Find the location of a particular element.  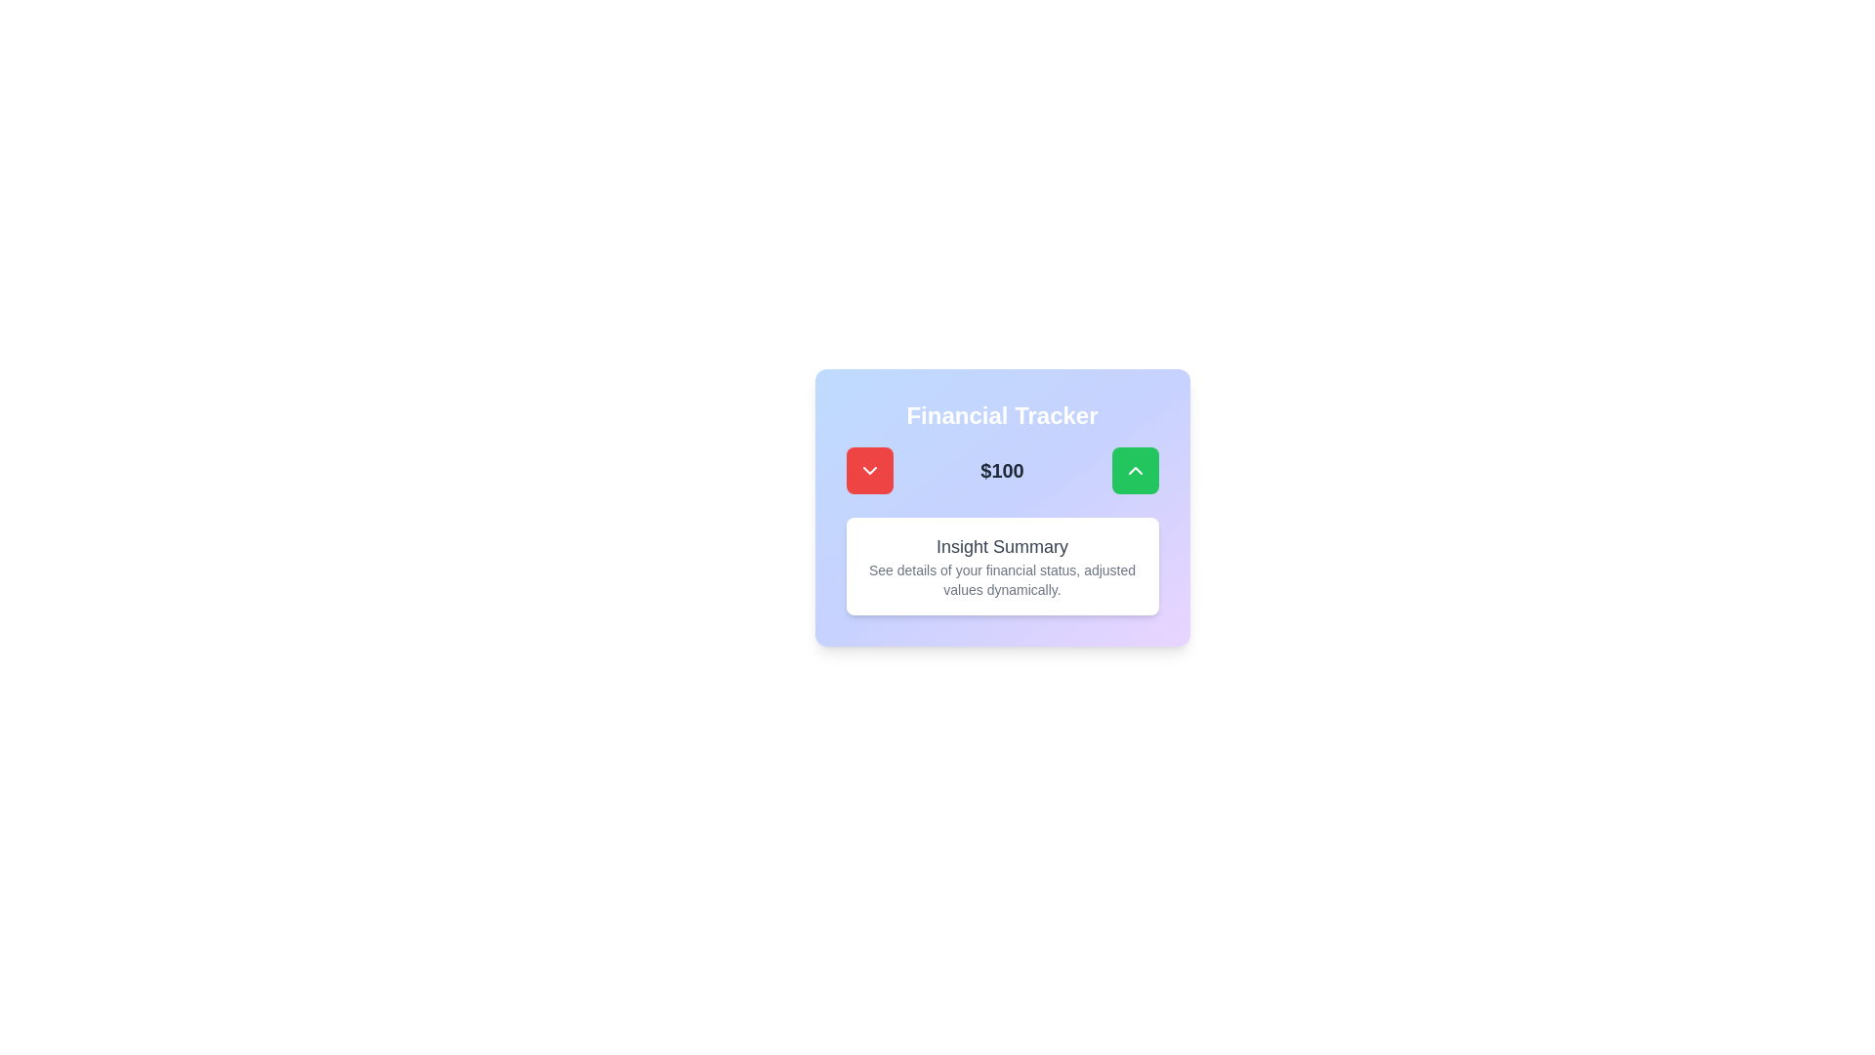

the interactive button on the left side of the horizontally aligned pair of buttons in the financial tracker is located at coordinates (868, 471).